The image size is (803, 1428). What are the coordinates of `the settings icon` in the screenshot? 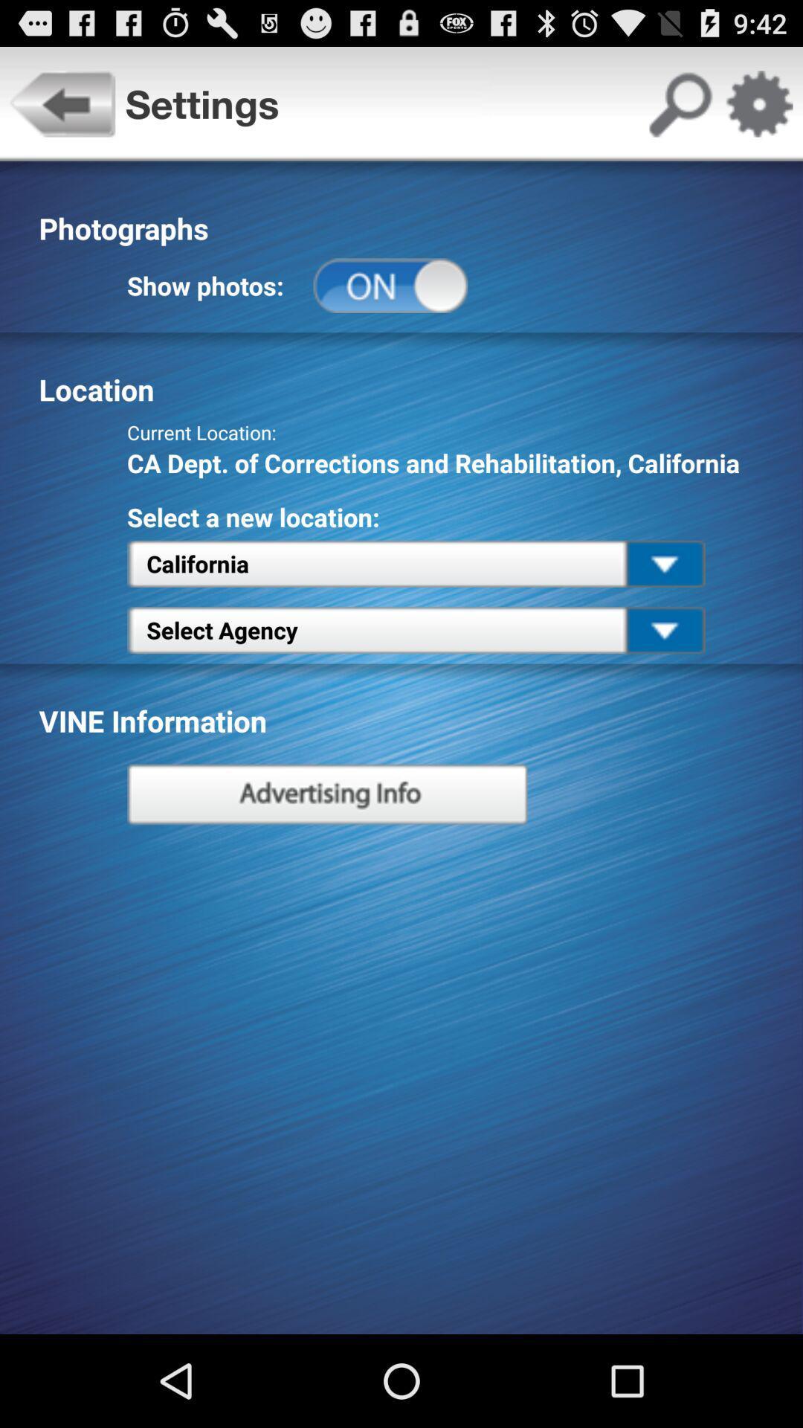 It's located at (758, 110).